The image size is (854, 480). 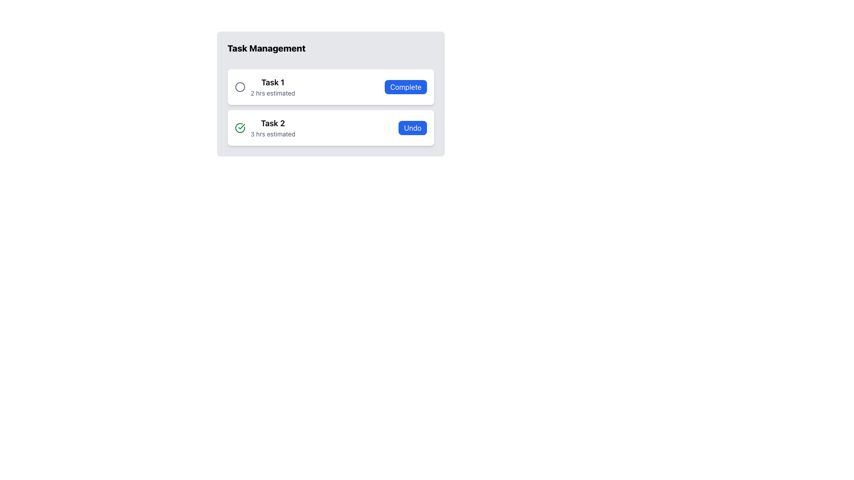 I want to click on the upper-left segment of the checkmark icon located to the left of the 'Task 2' label in the task management component, so click(x=240, y=128).